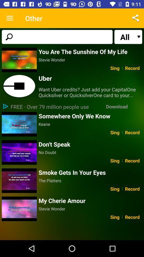 The image size is (144, 257). What do you see at coordinates (57, 36) in the screenshot?
I see `search bar` at bounding box center [57, 36].